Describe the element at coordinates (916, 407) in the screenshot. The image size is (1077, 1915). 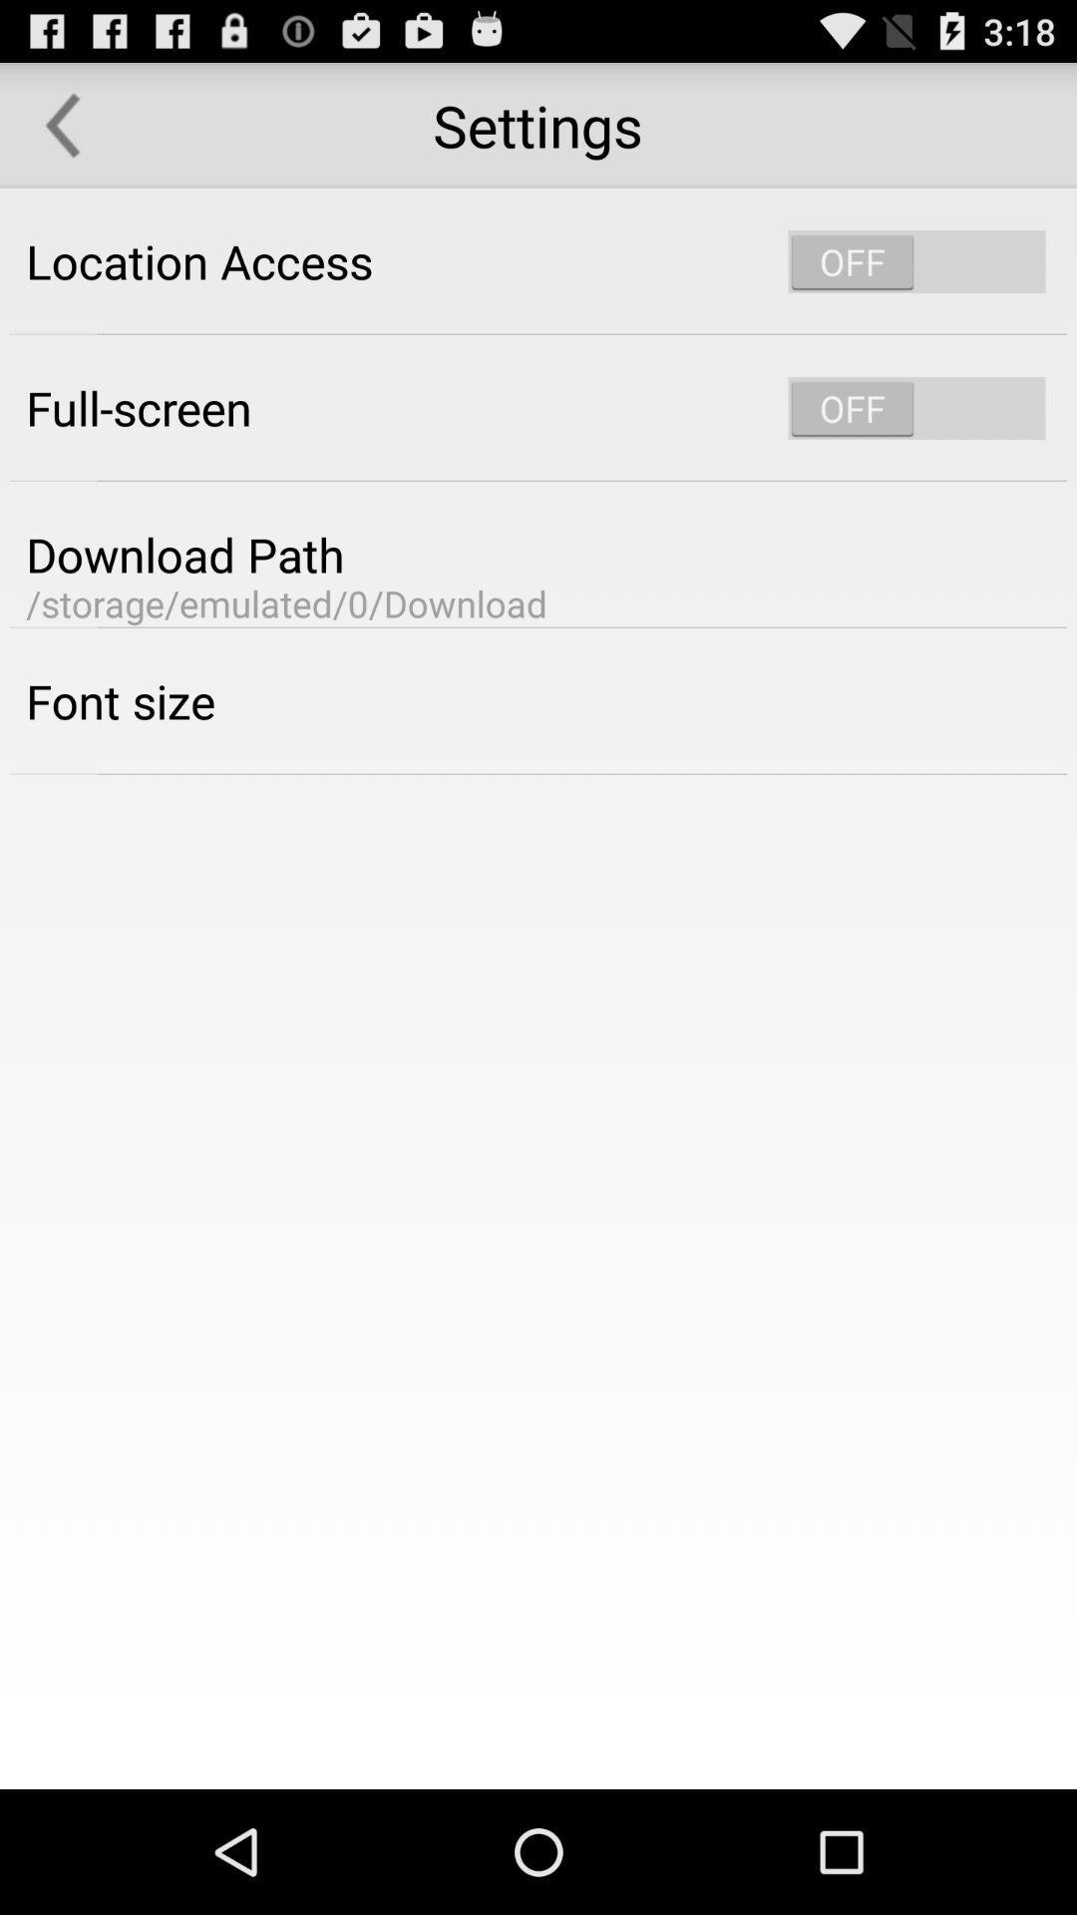
I see `icon to the right of full-screen app` at that location.